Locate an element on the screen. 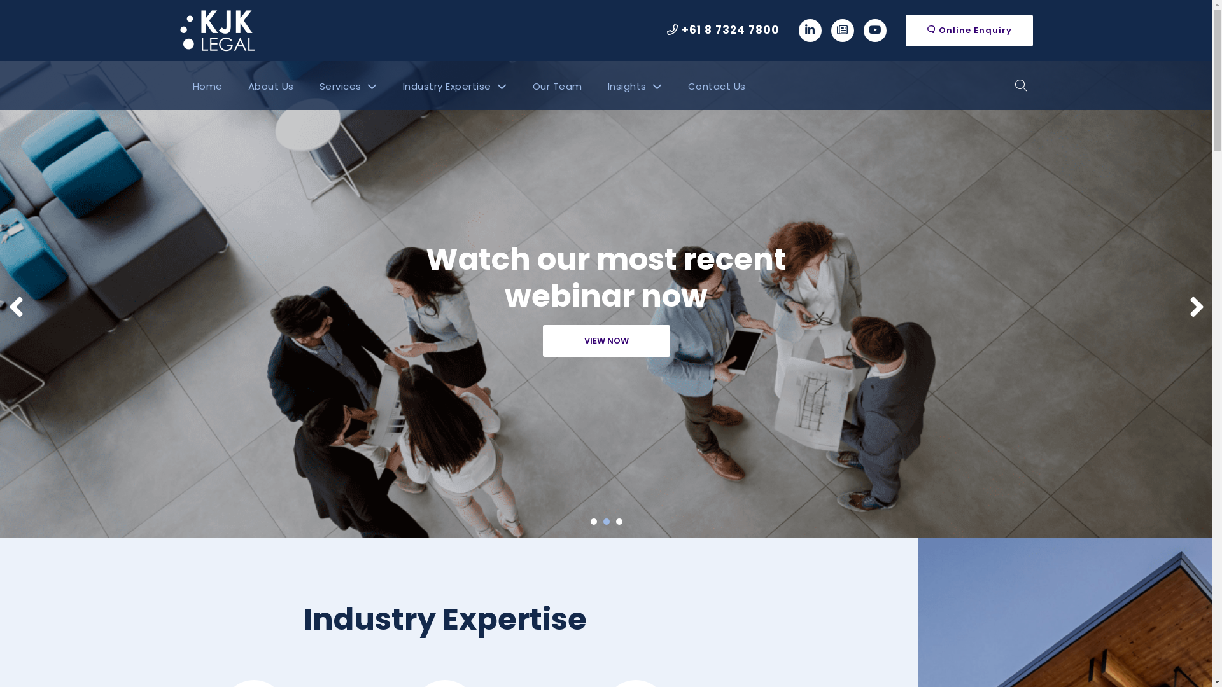 This screenshot has height=687, width=1222. 'Online Enquiry' is located at coordinates (967, 29).